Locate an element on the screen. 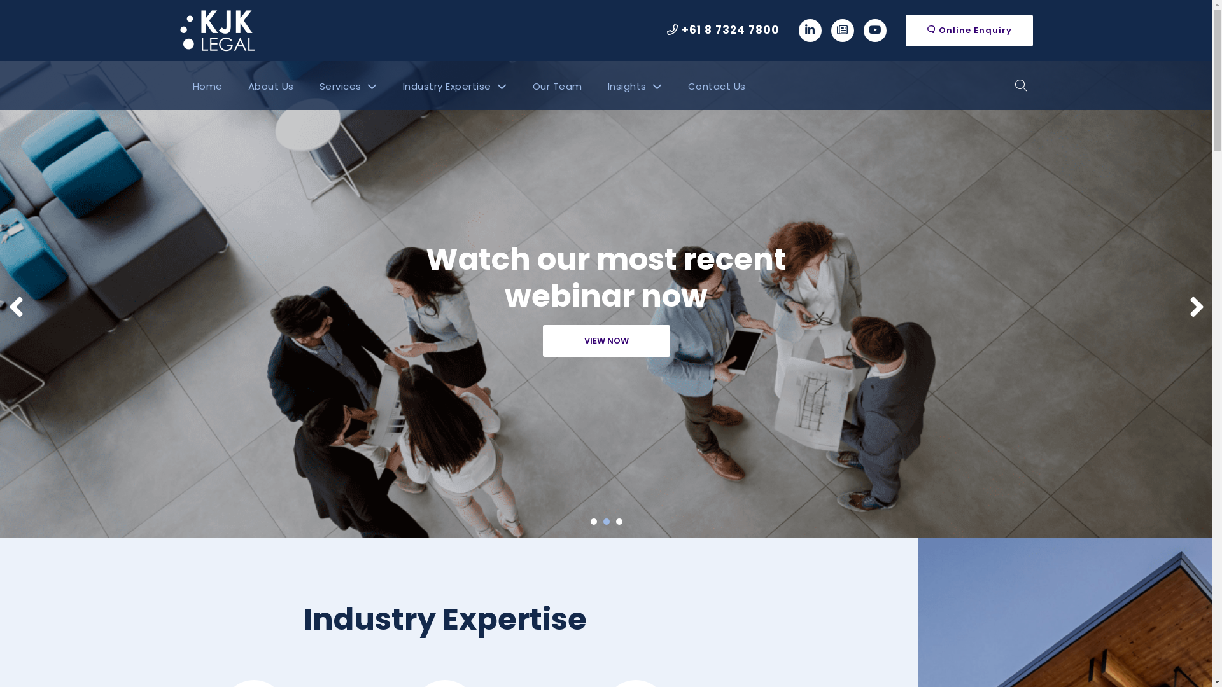 This screenshot has height=687, width=1222. 'Online Enquiry' is located at coordinates (967, 29).